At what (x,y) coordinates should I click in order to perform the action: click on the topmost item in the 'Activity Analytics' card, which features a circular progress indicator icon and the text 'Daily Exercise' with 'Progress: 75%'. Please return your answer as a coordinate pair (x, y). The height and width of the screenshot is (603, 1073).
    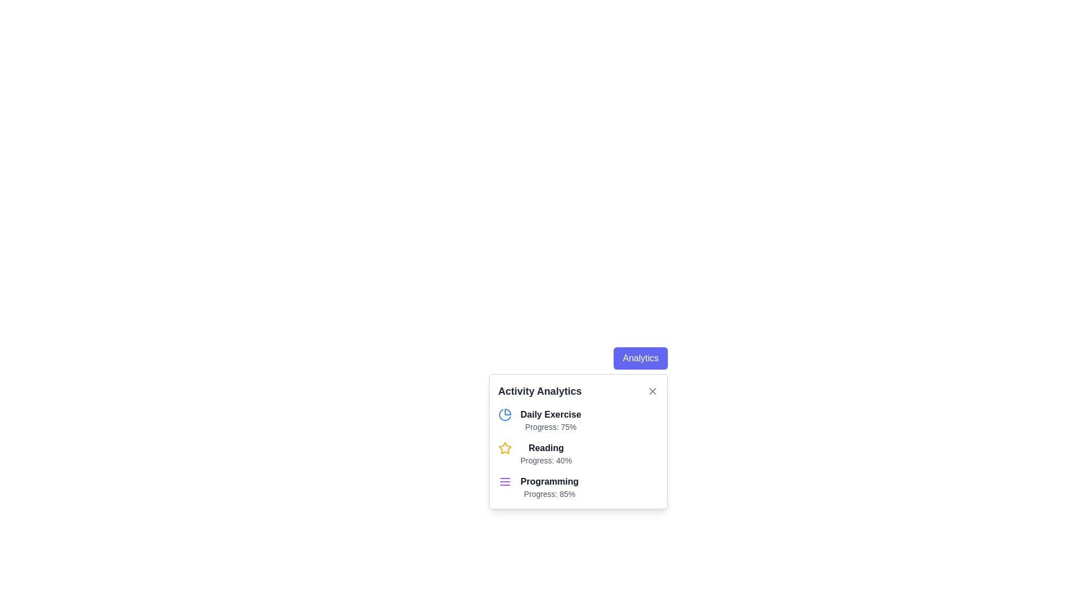
    Looking at the image, I should click on (578, 420).